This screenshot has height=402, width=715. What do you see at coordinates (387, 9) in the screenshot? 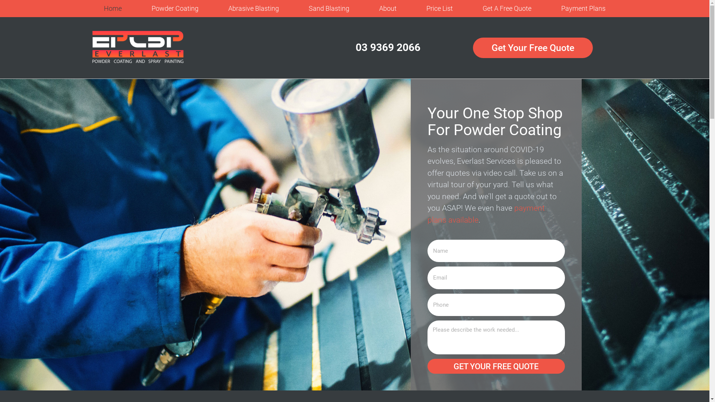
I see `'About'` at bounding box center [387, 9].